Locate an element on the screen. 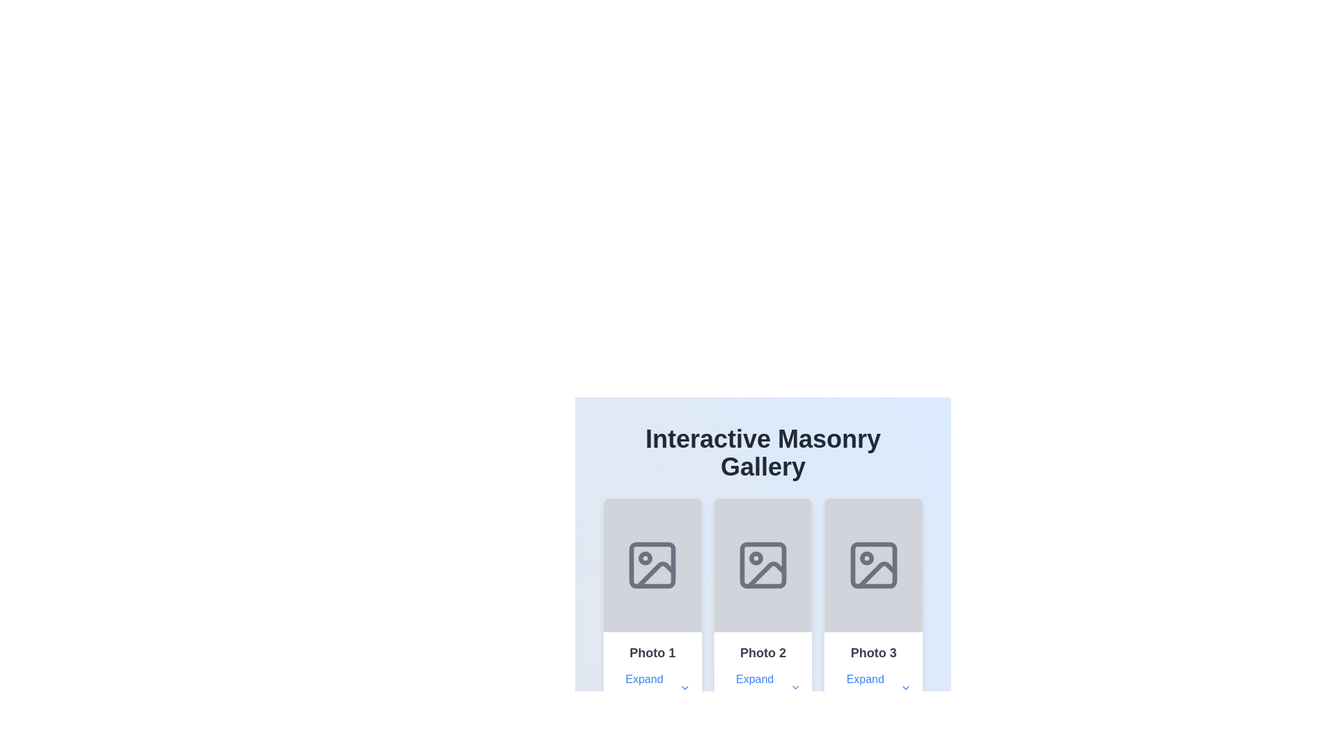  Circle (SVG element) located inside the first icon image of the 'Interactive Masonry Gallery' interface, indicating an active or selected state for 'Photo 1', via developer tools is located at coordinates (645, 558).